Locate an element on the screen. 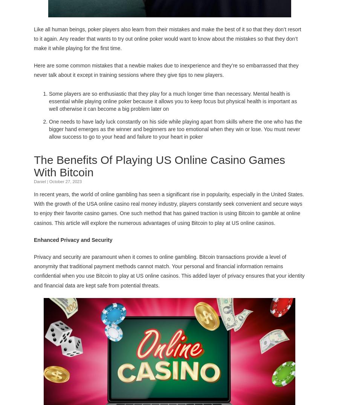 This screenshot has height=405, width=339. 'Here are some common mistakes that a newbie makes due to inexperience and they’re so embarrassed that they never talk about it except in training sessions where they give tips to new players.' is located at coordinates (34, 69).